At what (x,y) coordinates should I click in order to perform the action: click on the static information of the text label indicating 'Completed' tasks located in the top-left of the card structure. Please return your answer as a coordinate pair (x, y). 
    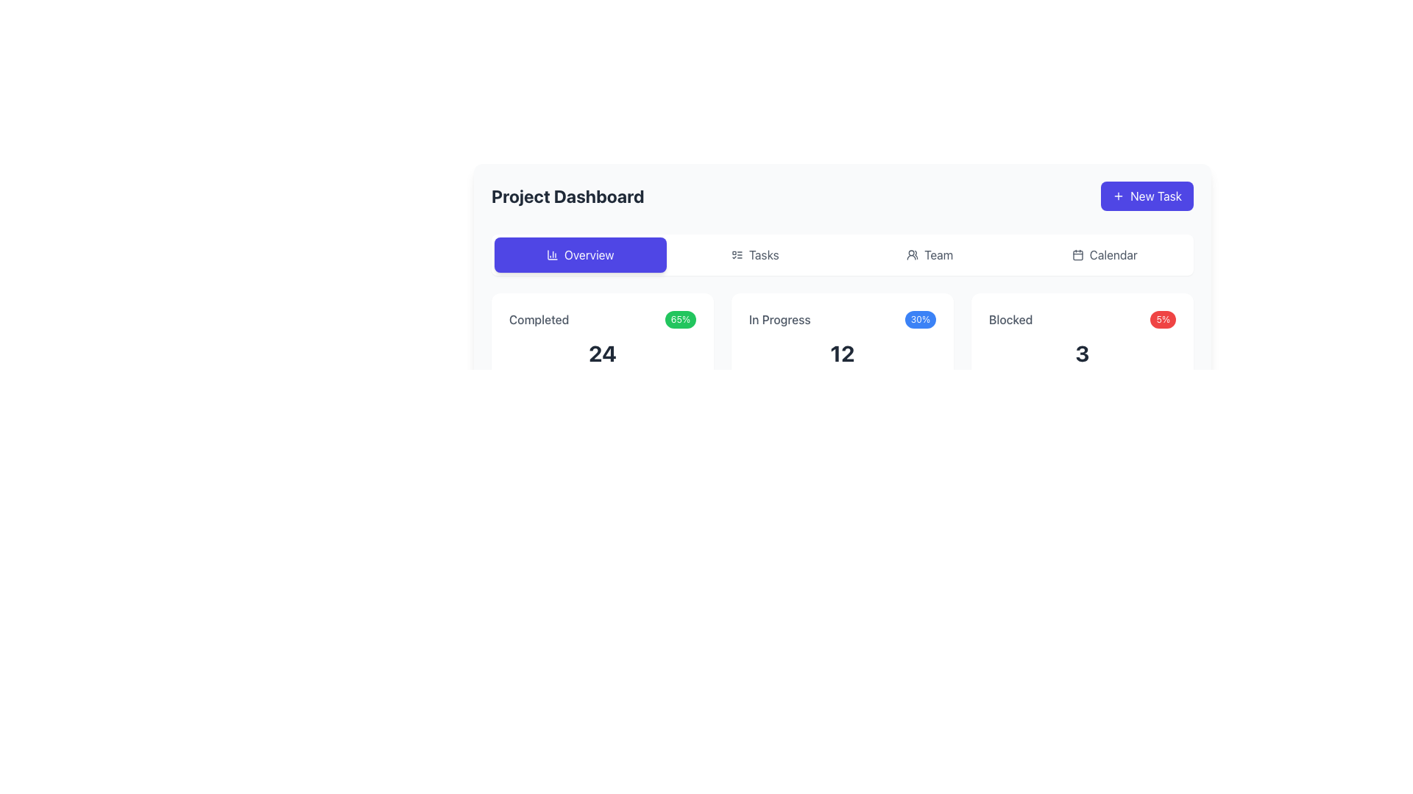
    Looking at the image, I should click on (538, 319).